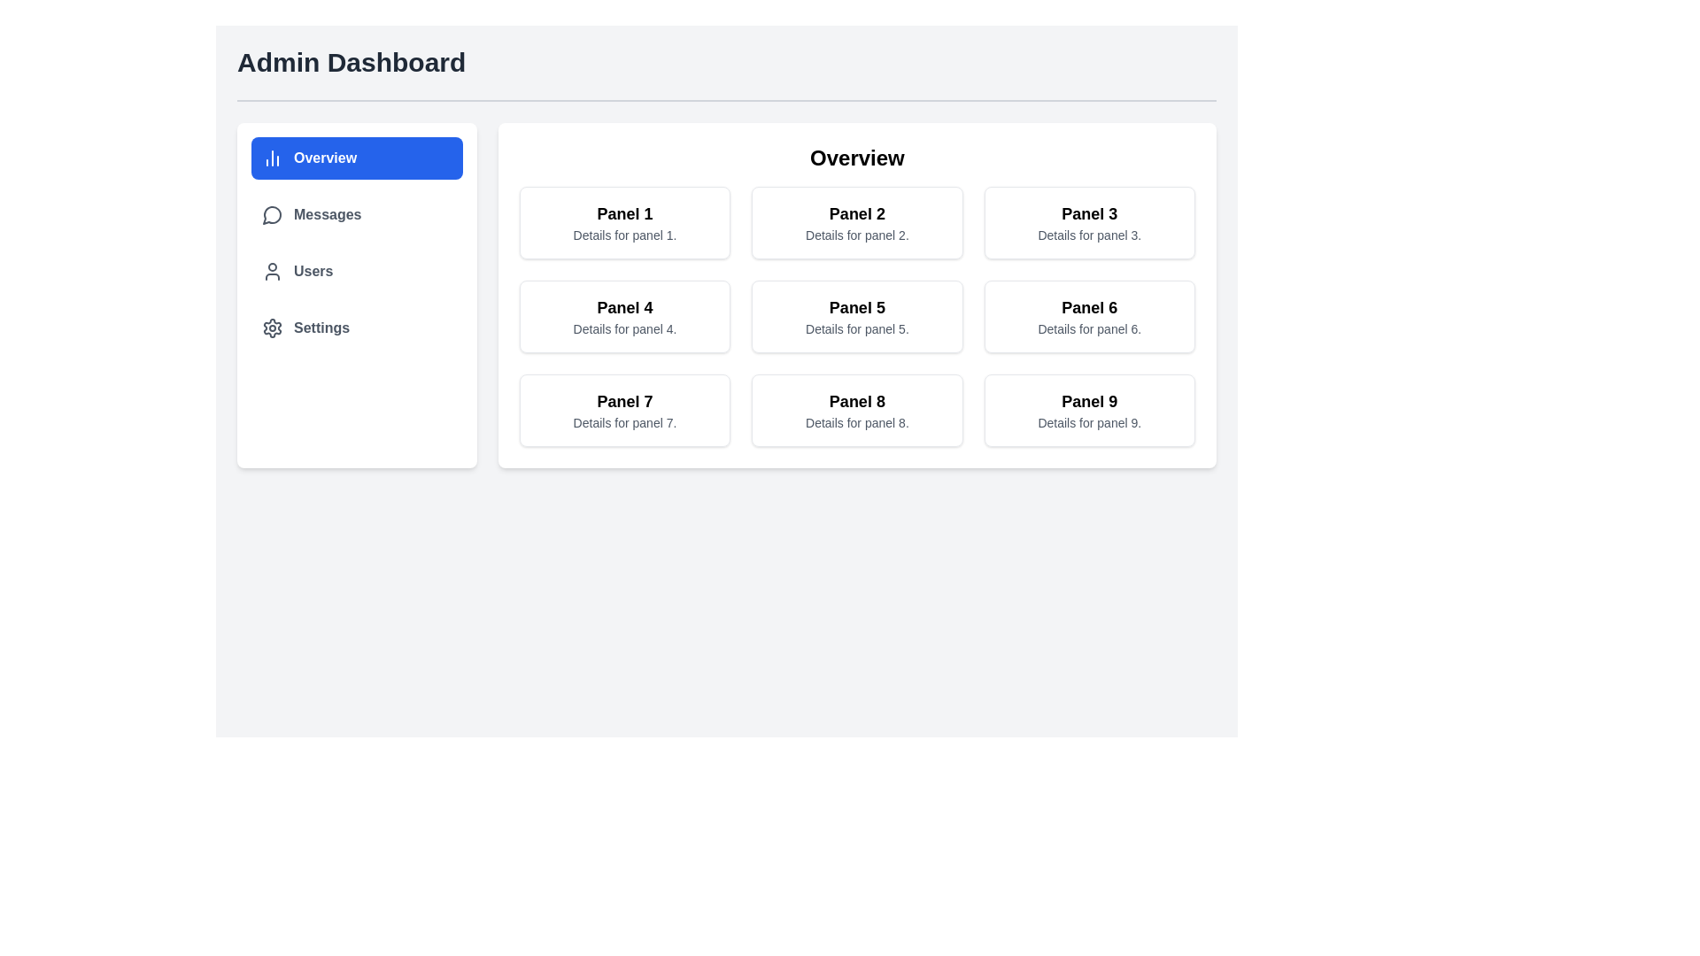 This screenshot has width=1700, height=956. Describe the element at coordinates (857, 402) in the screenshot. I see `the text label identifying 'Panel 8', which is located in the second row and second column of a 3x3 grid under the 'Overview' section` at that location.